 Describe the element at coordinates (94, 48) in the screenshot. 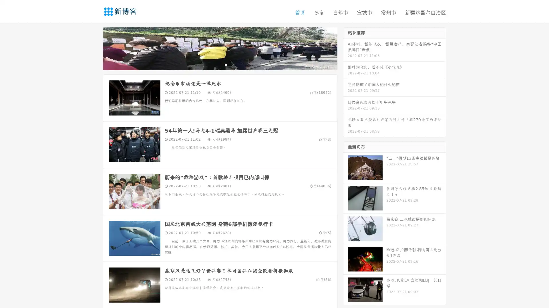

I see `Previous slide` at that location.